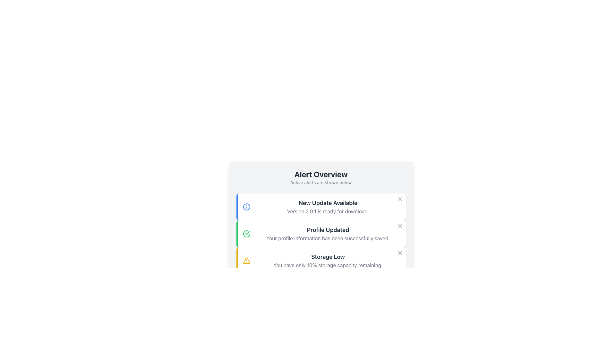  I want to click on text label displaying 'Active alerts are shown below', which is styled in gray and located beneath the 'Alert Overview' heading, so click(321, 183).